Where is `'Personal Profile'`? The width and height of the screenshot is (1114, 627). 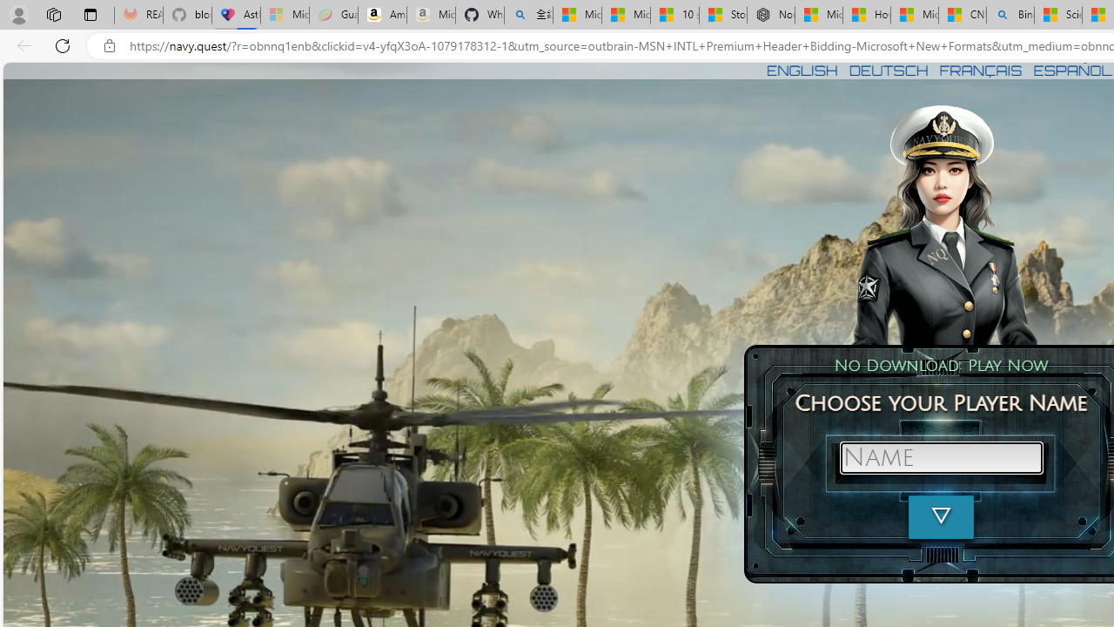 'Personal Profile' is located at coordinates (18, 14).